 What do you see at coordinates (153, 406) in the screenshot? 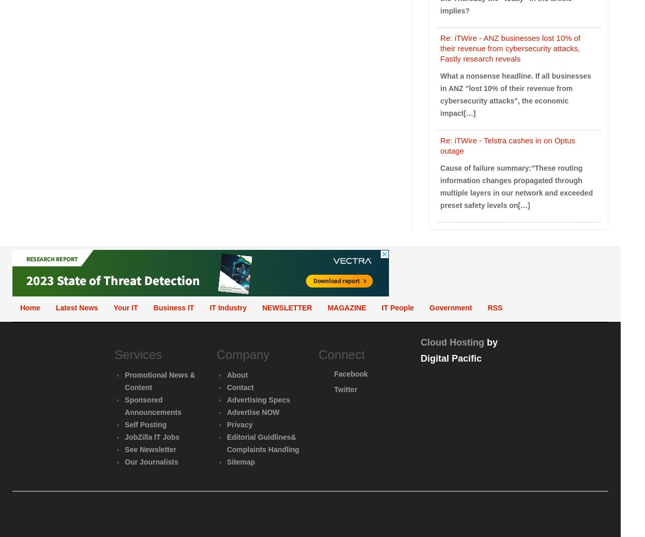
I see `'Sponsored Announcements'` at bounding box center [153, 406].